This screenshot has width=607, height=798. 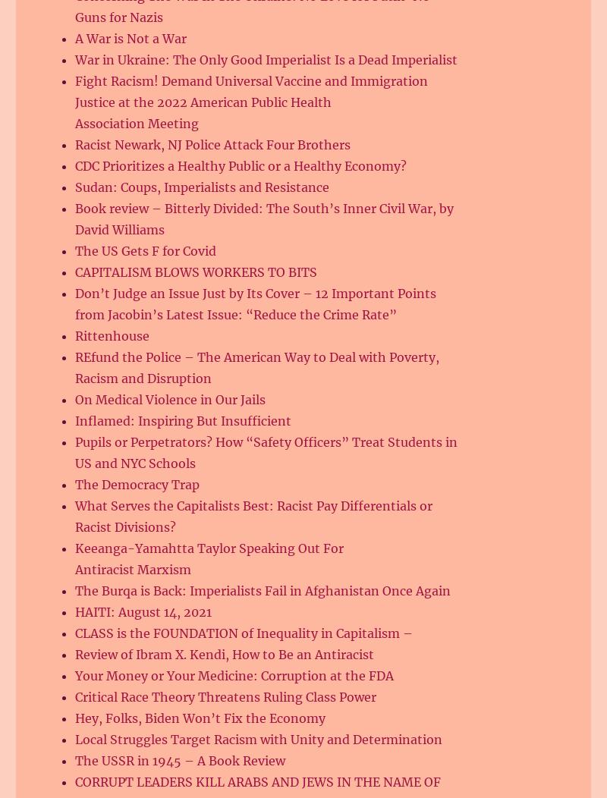 What do you see at coordinates (74, 559) in the screenshot?
I see `'Keeanga-Yamahtta Taylor Speaking Out For Antiracist Marxism'` at bounding box center [74, 559].